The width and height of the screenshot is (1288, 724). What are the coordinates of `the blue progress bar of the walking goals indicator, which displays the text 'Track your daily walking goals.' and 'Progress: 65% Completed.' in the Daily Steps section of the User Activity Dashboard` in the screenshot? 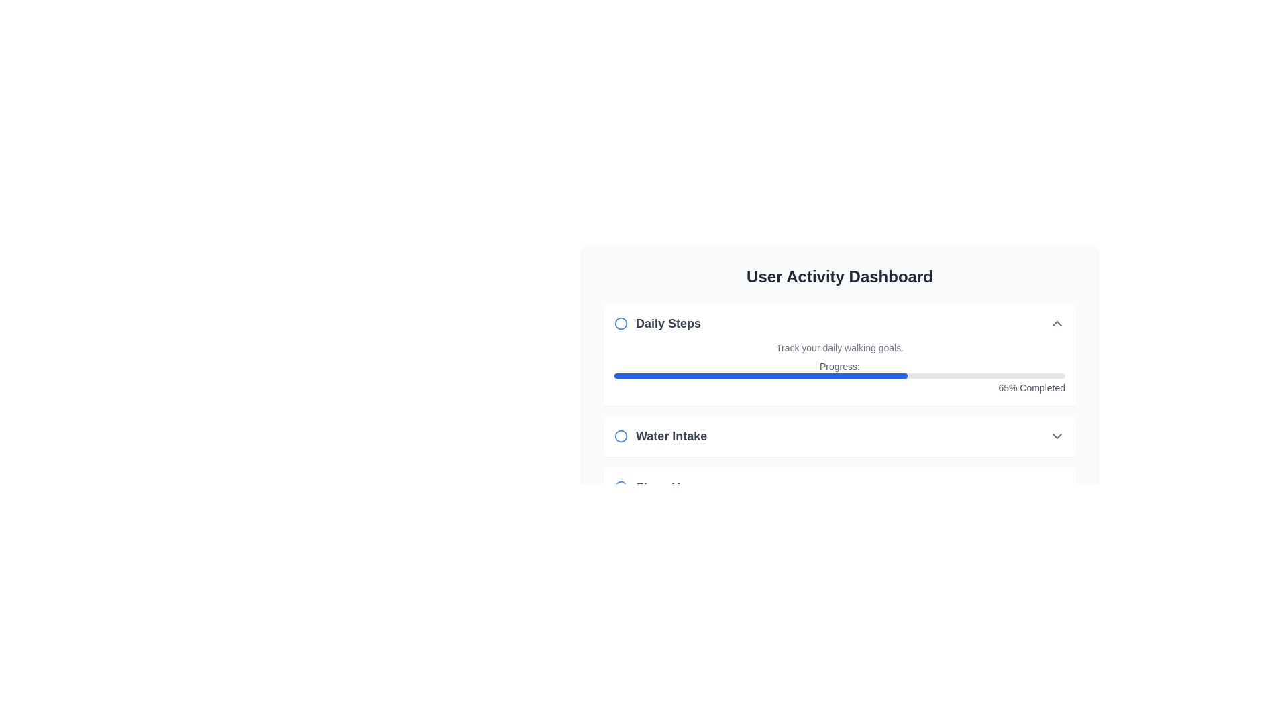 It's located at (839, 367).